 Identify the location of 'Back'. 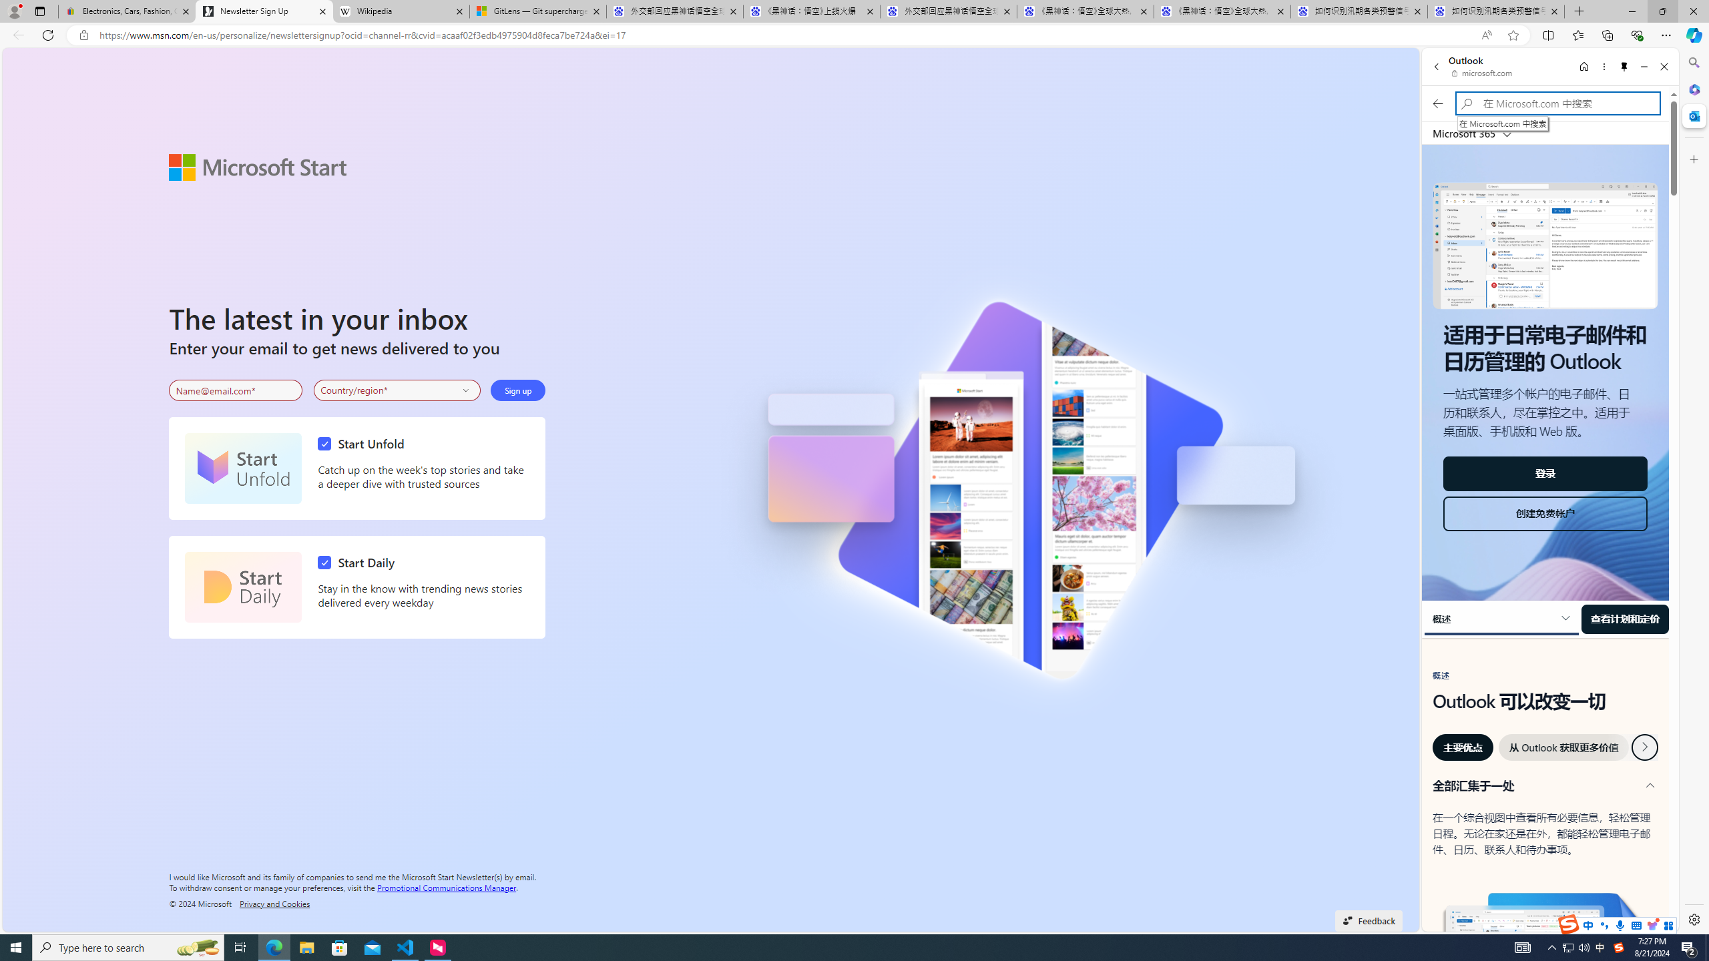
(1436, 66).